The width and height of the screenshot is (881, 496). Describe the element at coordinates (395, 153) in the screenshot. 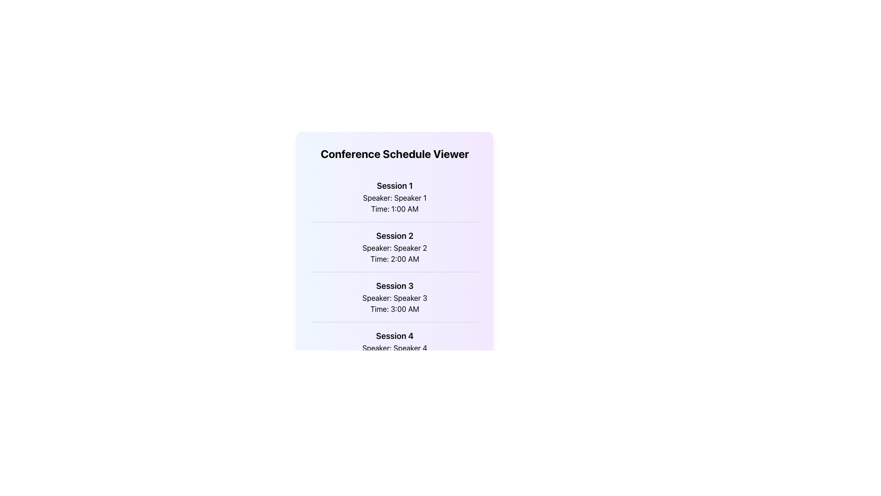

I see `the header element that displays 'Conference Schedule Viewer', styled in large bold font, located at the top of the layout above the session details list` at that location.